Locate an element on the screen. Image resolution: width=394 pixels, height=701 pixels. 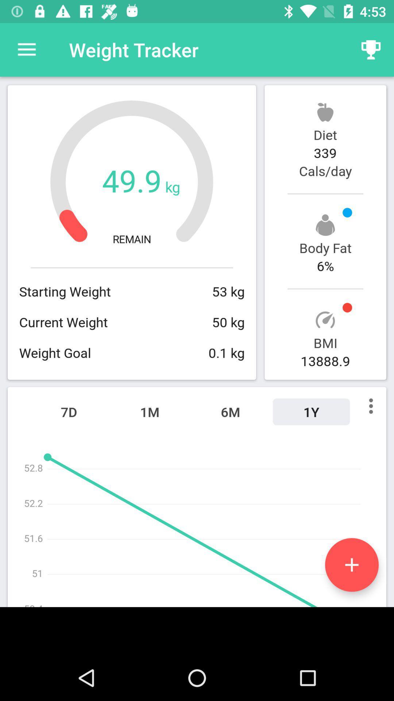
icon to the right of 6m icon is located at coordinates (311, 412).